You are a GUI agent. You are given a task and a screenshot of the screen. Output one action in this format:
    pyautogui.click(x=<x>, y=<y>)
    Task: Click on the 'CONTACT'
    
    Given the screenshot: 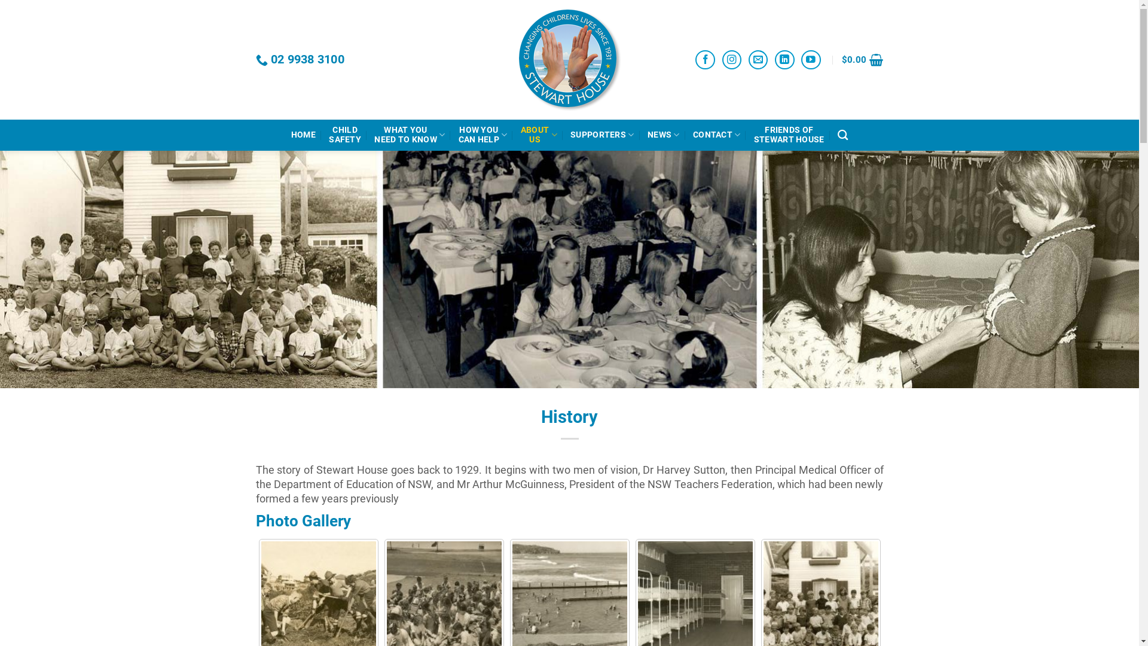 What is the action you would take?
    pyautogui.click(x=717, y=135)
    